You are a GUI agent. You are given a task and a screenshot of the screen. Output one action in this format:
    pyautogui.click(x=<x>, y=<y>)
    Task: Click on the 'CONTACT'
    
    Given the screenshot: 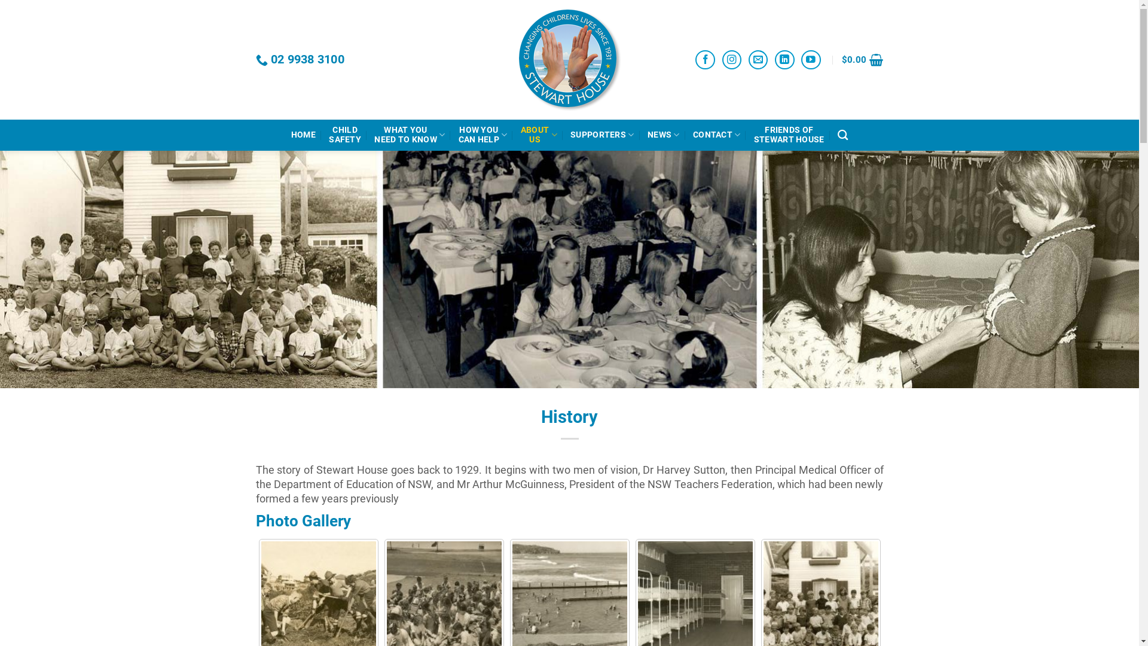 What is the action you would take?
    pyautogui.click(x=717, y=135)
    